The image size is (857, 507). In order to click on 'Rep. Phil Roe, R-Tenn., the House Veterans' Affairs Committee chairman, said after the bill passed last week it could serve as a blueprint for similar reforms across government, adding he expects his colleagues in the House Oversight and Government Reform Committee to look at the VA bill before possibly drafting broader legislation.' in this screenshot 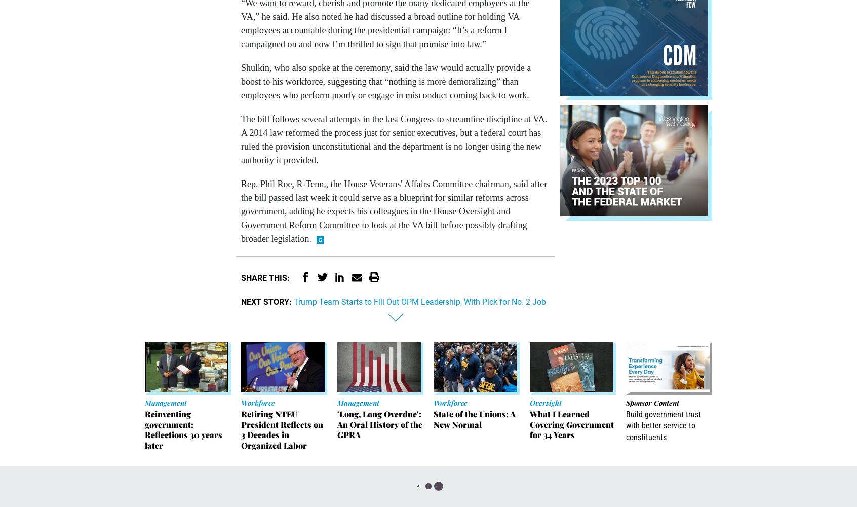, I will do `click(394, 211)`.